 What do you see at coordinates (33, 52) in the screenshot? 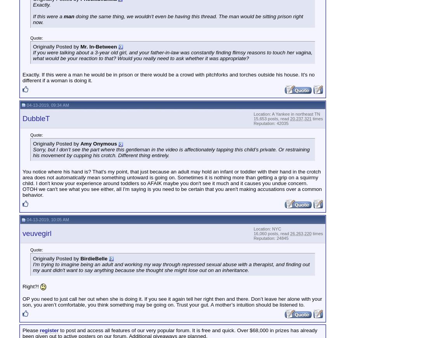
I see `'If you were talking about a 3-year old'` at bounding box center [33, 52].